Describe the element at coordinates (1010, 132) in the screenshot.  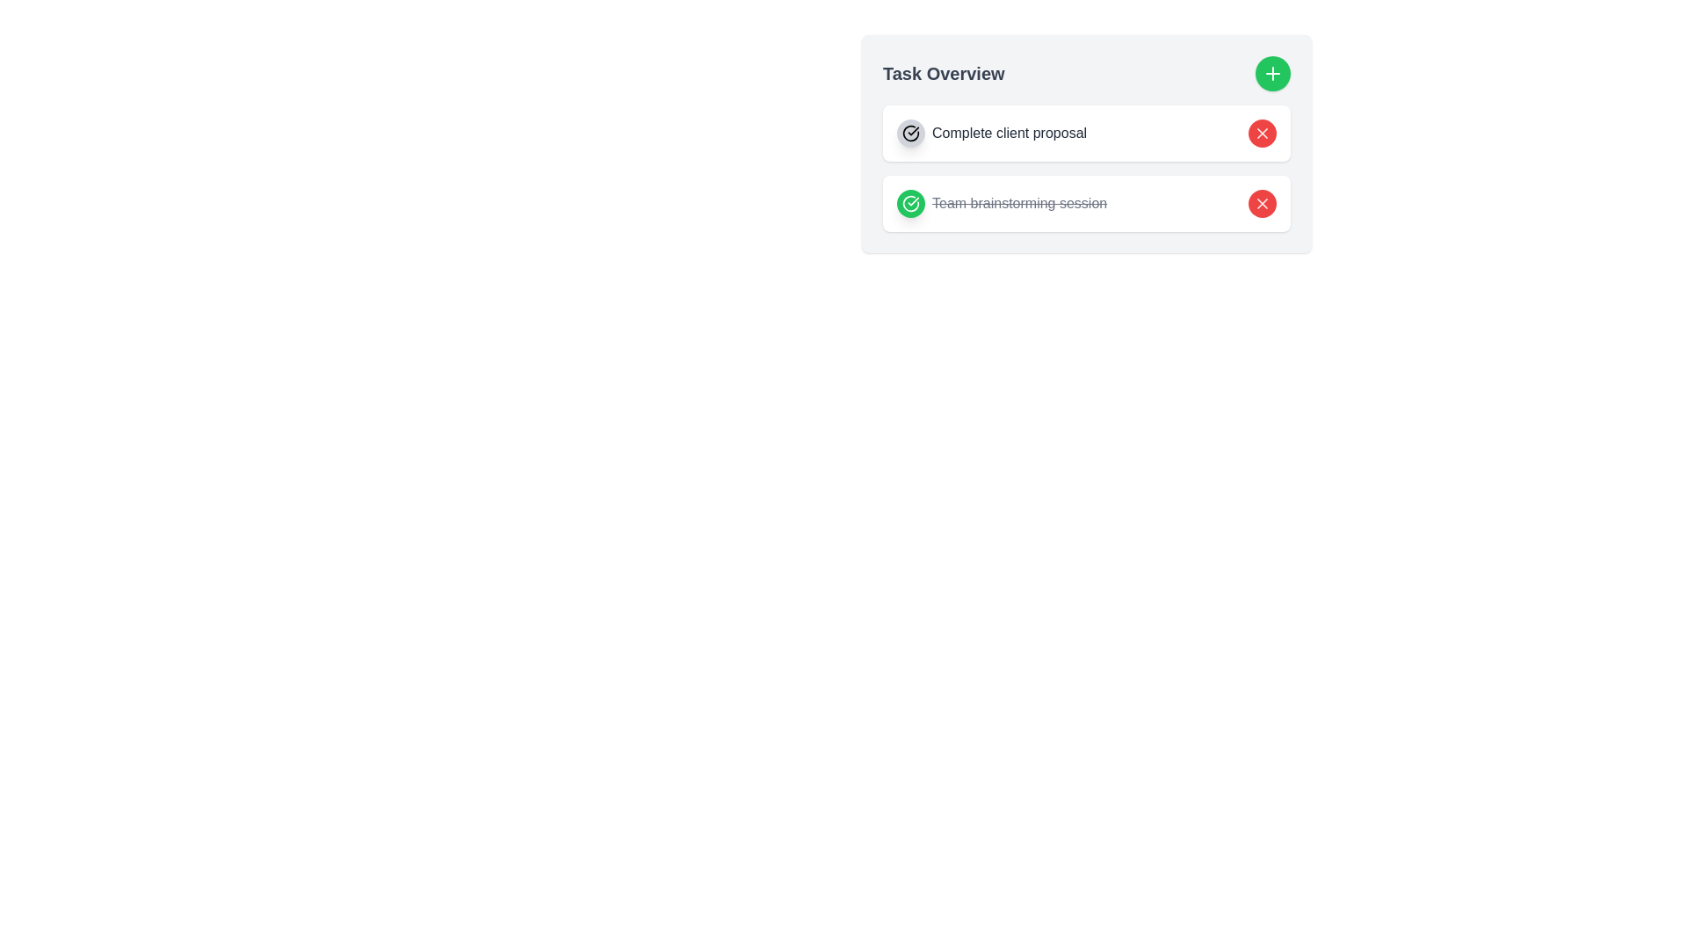
I see `the static text label saying 'Complete client proposal', which is styled as part of a task list and located in the first entry of the task list` at that location.